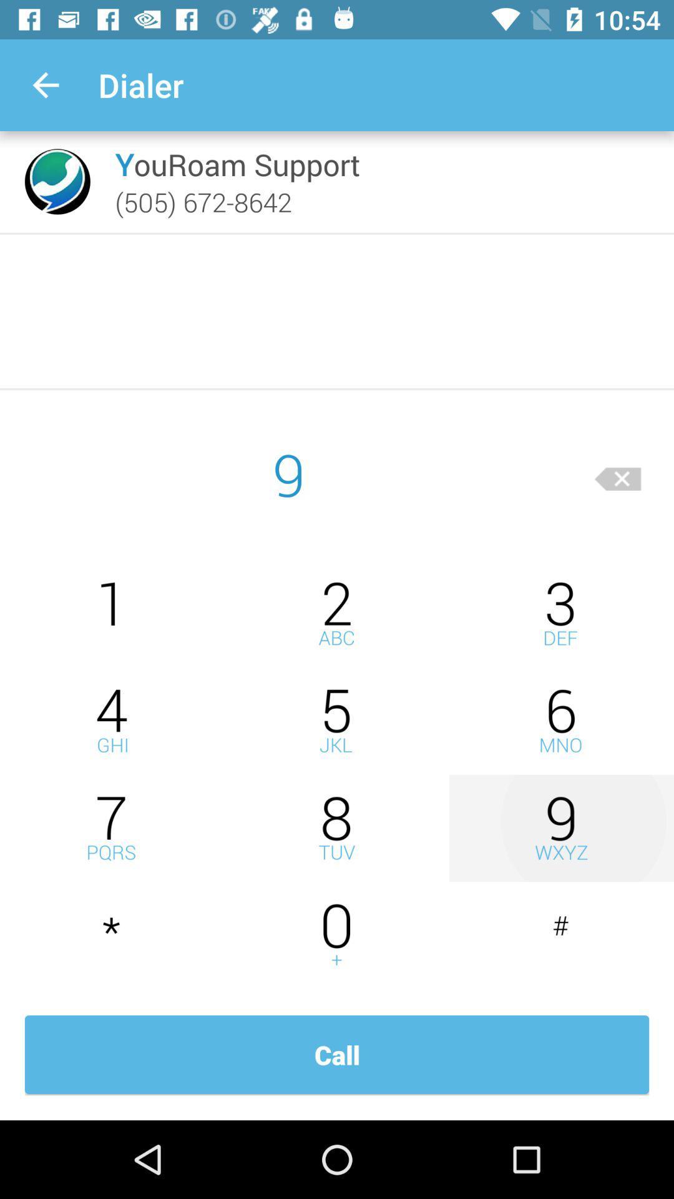  I want to click on asterisk on keyboard, so click(112, 935).